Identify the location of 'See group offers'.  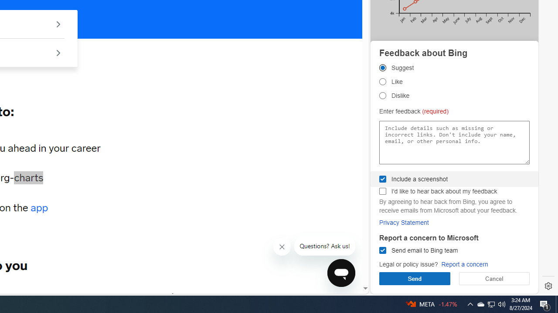
(58, 53).